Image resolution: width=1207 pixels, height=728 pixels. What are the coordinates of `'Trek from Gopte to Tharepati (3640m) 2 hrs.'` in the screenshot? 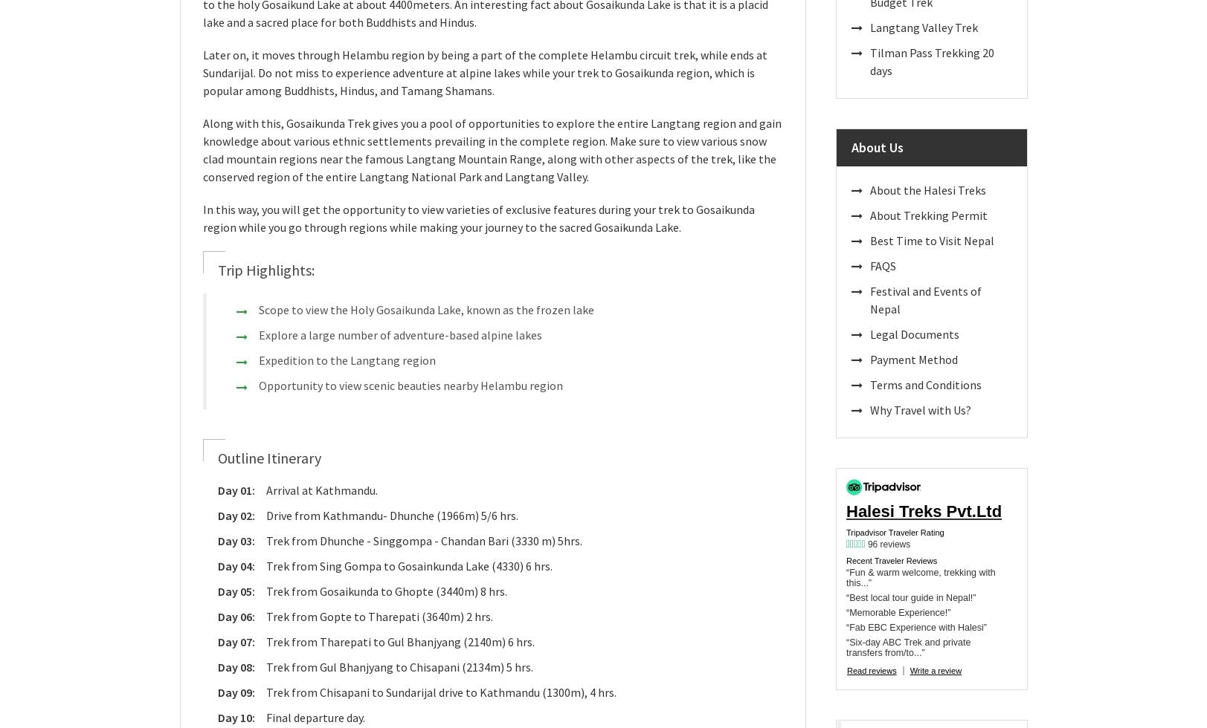 It's located at (379, 616).